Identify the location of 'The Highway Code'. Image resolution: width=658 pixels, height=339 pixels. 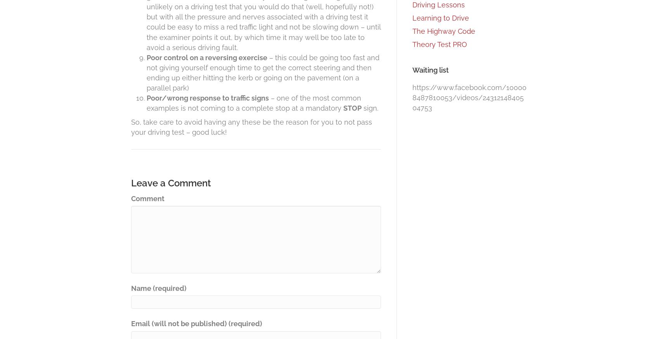
(443, 30).